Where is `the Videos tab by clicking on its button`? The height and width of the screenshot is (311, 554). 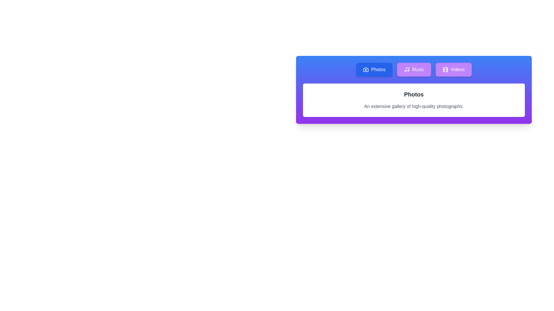 the Videos tab by clicking on its button is located at coordinates (453, 69).